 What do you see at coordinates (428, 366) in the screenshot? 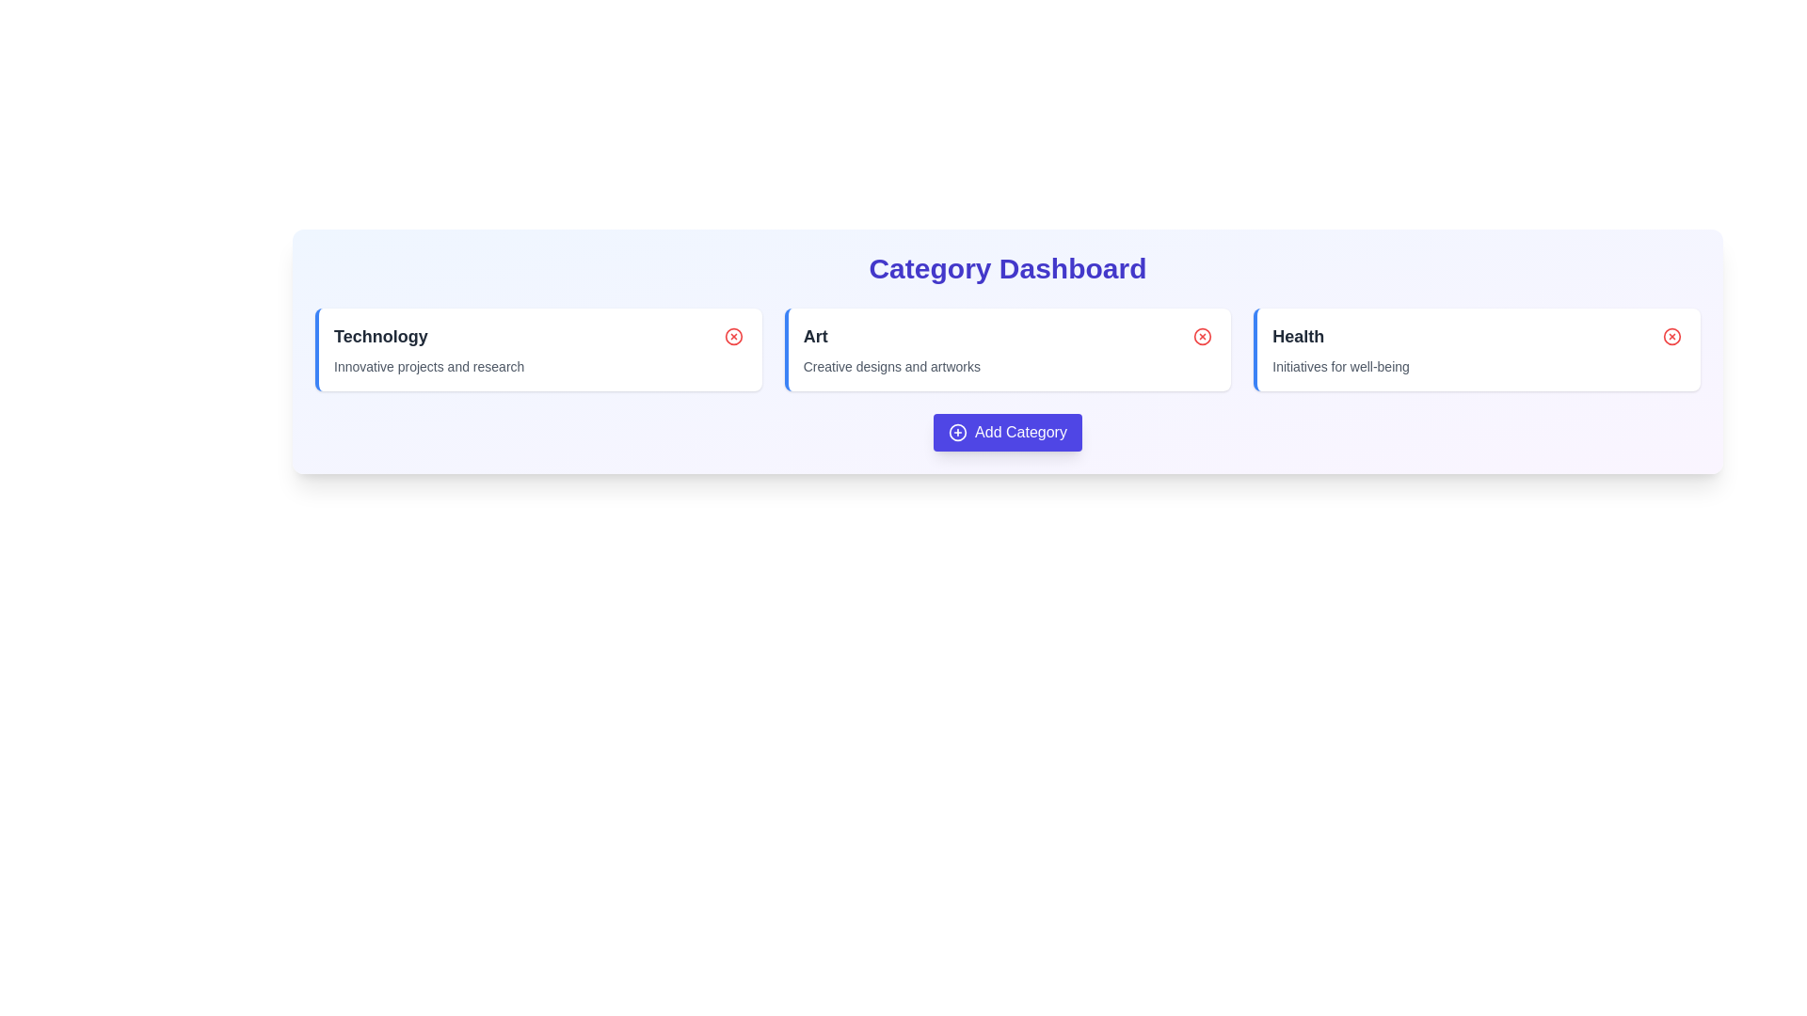
I see `the static text providing descriptive detail about the 'Technology' category, which is located below the 'Technology' heading within a white card that has a left blue border` at bounding box center [428, 366].